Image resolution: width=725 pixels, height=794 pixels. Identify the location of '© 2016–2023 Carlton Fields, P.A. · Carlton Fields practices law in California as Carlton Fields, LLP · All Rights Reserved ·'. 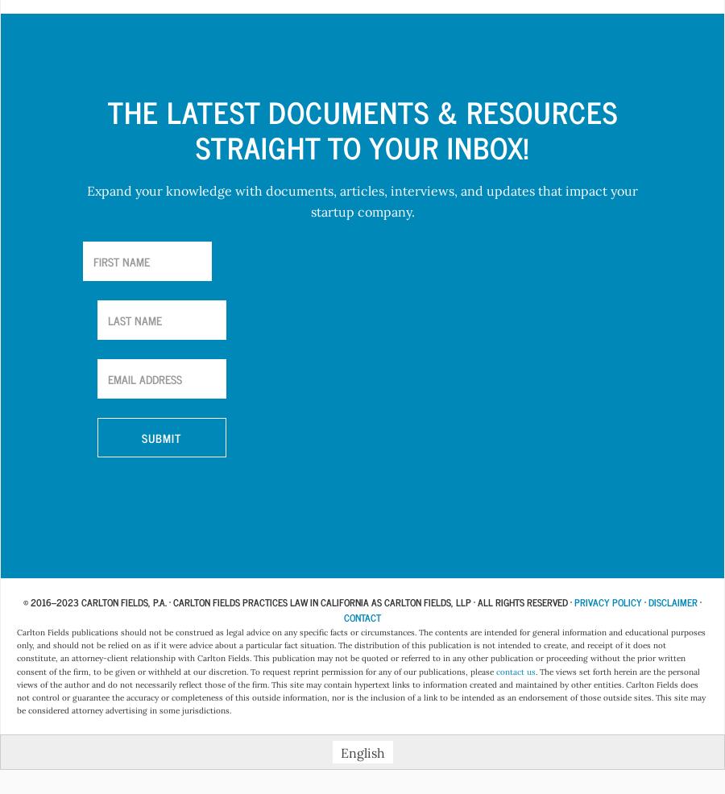
(298, 601).